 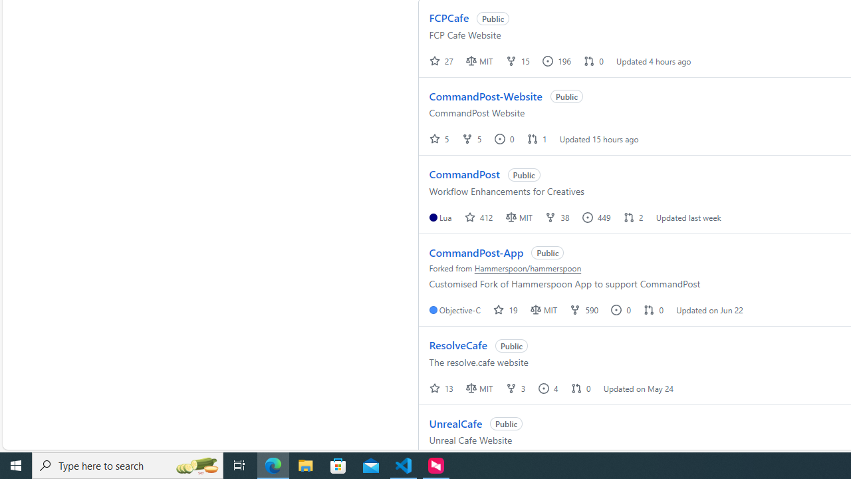 I want to click on ' 196 ', so click(x=558, y=61).